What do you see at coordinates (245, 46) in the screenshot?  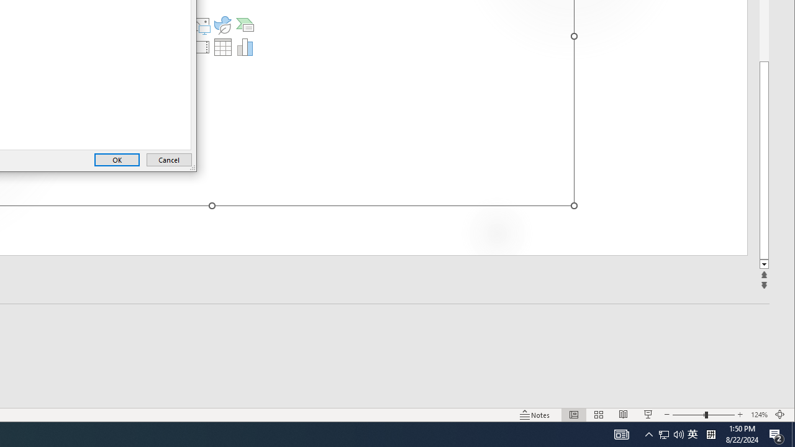 I see `'Insert Chart'` at bounding box center [245, 46].